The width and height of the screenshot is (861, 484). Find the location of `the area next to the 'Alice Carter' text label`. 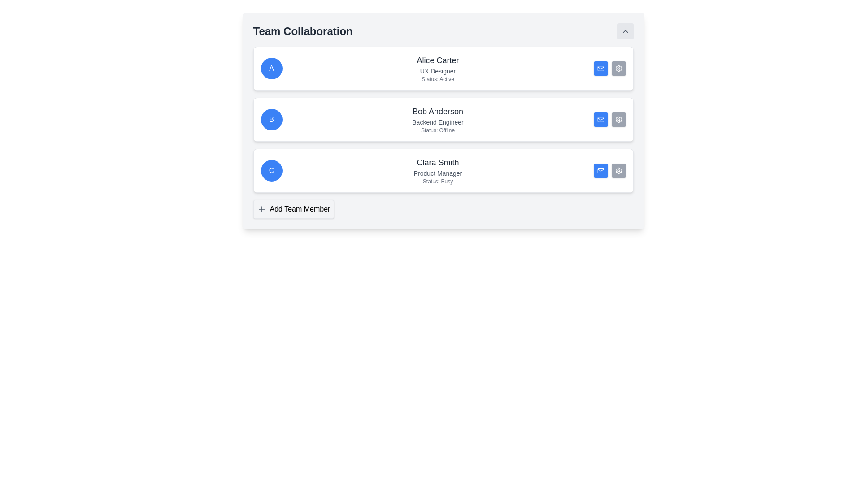

the area next to the 'Alice Carter' text label is located at coordinates (438, 60).